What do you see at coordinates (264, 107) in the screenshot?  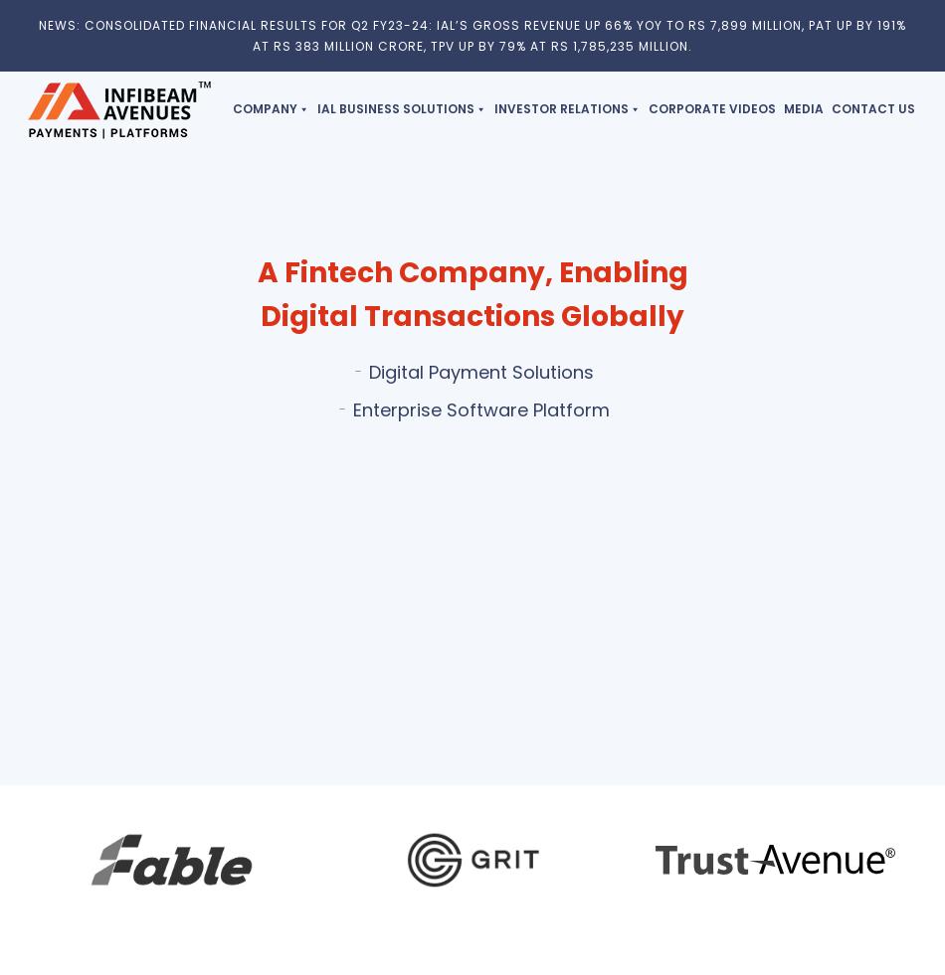 I see `'Company'` at bounding box center [264, 107].